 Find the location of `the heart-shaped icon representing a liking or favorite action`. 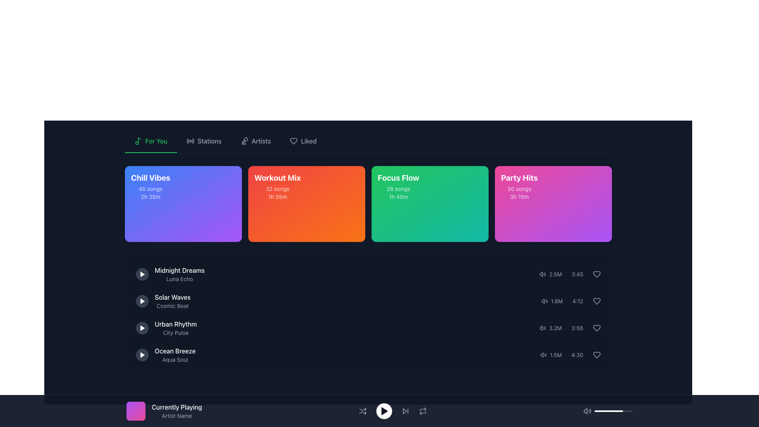

the heart-shaped icon representing a liking or favorite action is located at coordinates (597, 274).